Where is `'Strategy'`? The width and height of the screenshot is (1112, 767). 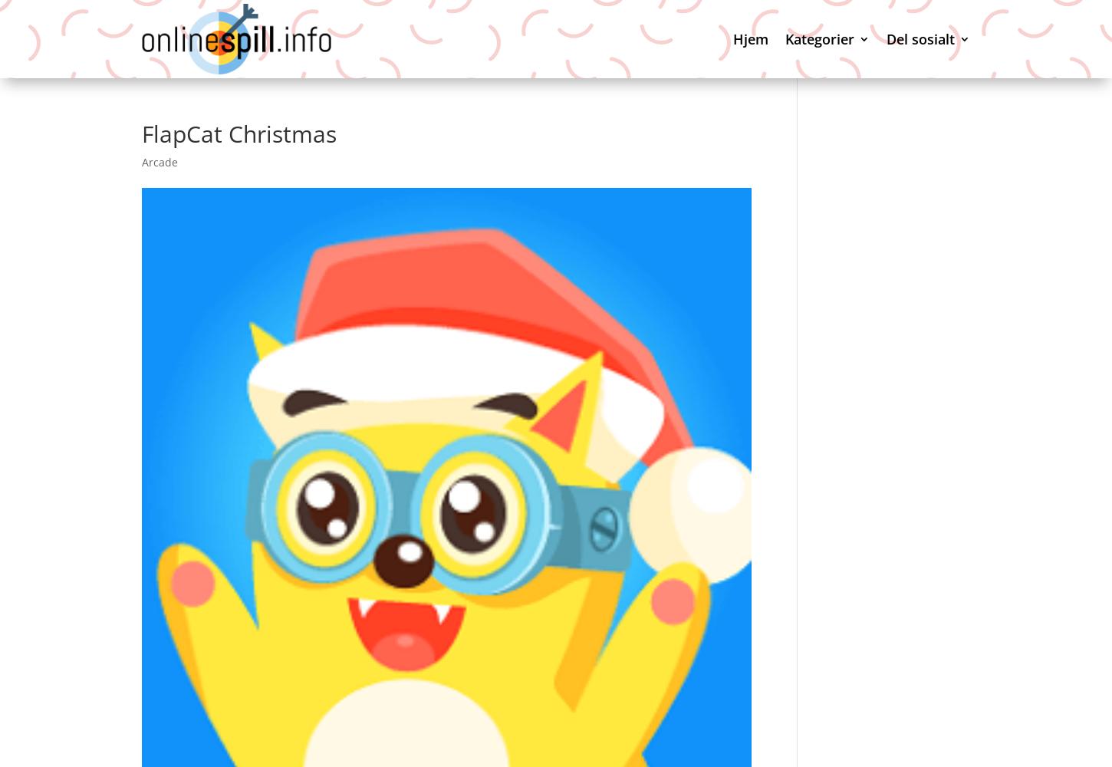 'Strategy' is located at coordinates (834, 657).